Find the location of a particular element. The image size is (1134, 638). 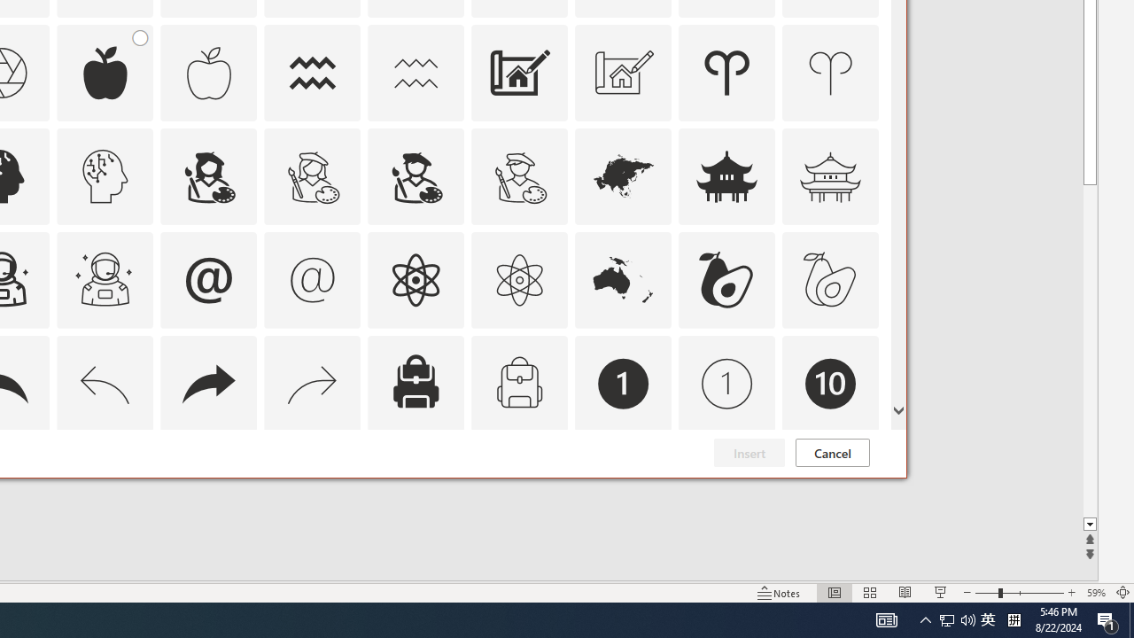

'AutomationID: Icons_Apple_M' is located at coordinates (208, 72).